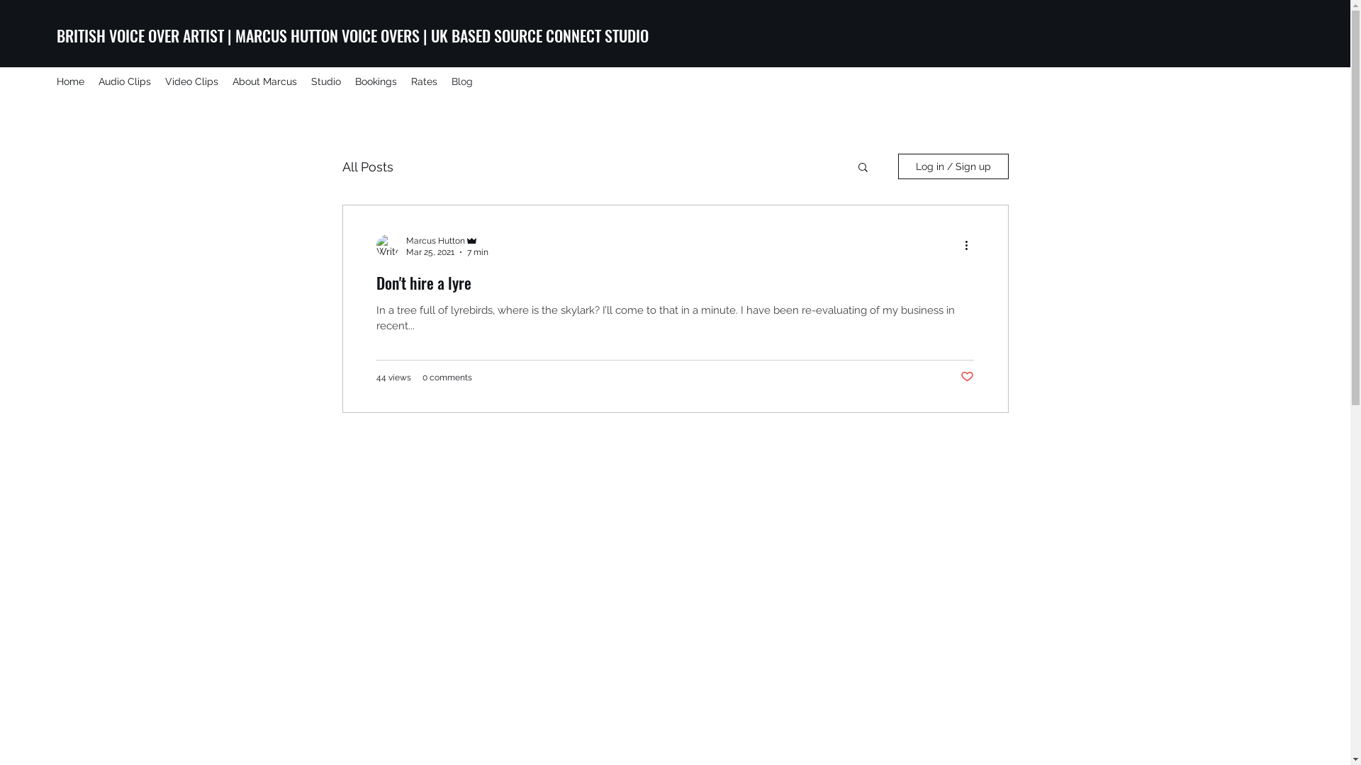 Image resolution: width=1361 pixels, height=765 pixels. I want to click on 'About Marcus', so click(264, 81).